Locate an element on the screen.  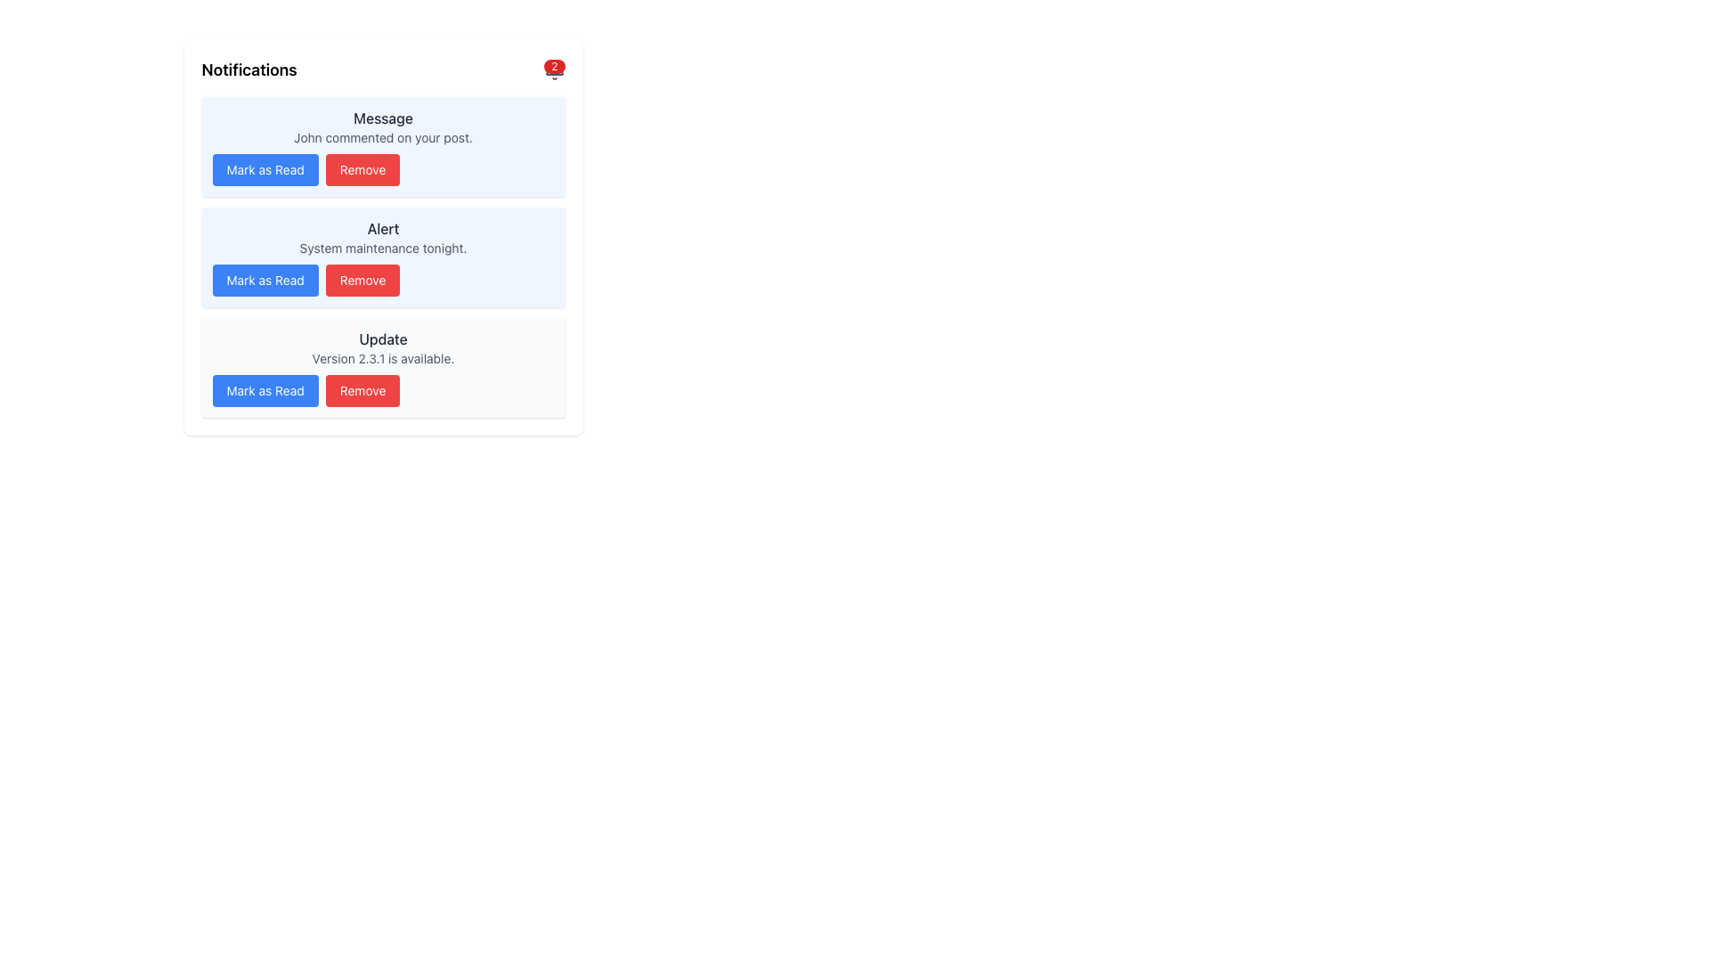
the Badge notification count indicator located in the top-right corner, which overlays the notification bell icon is located at coordinates (553, 69).